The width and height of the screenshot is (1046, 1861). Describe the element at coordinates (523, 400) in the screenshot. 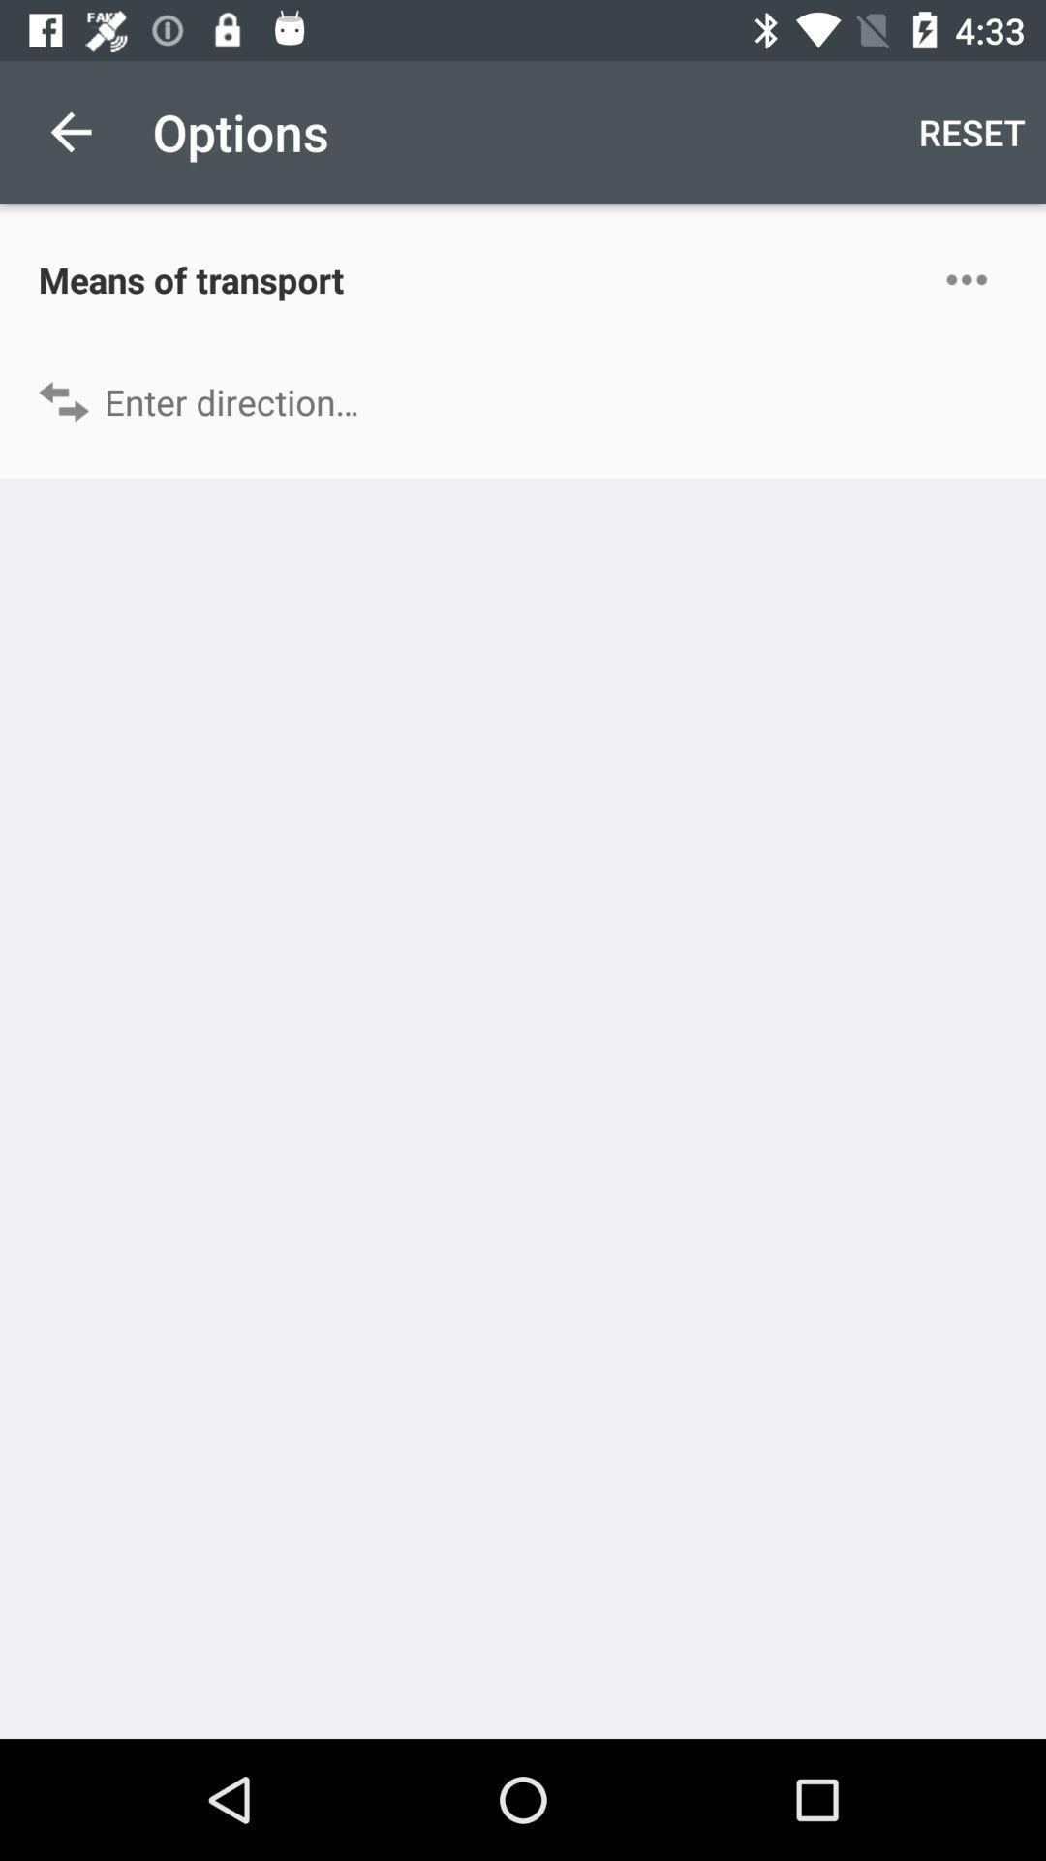

I see `the item at the top` at that location.